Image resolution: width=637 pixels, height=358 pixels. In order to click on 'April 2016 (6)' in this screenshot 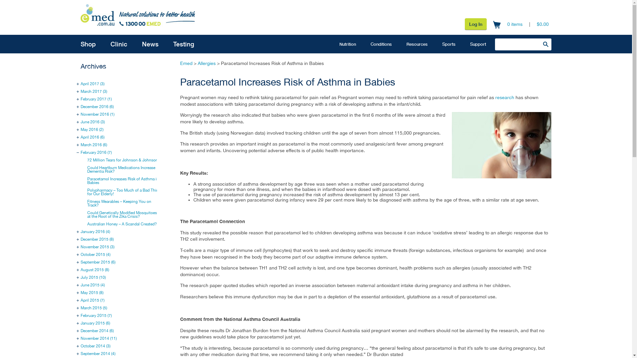, I will do `click(92, 137)`.